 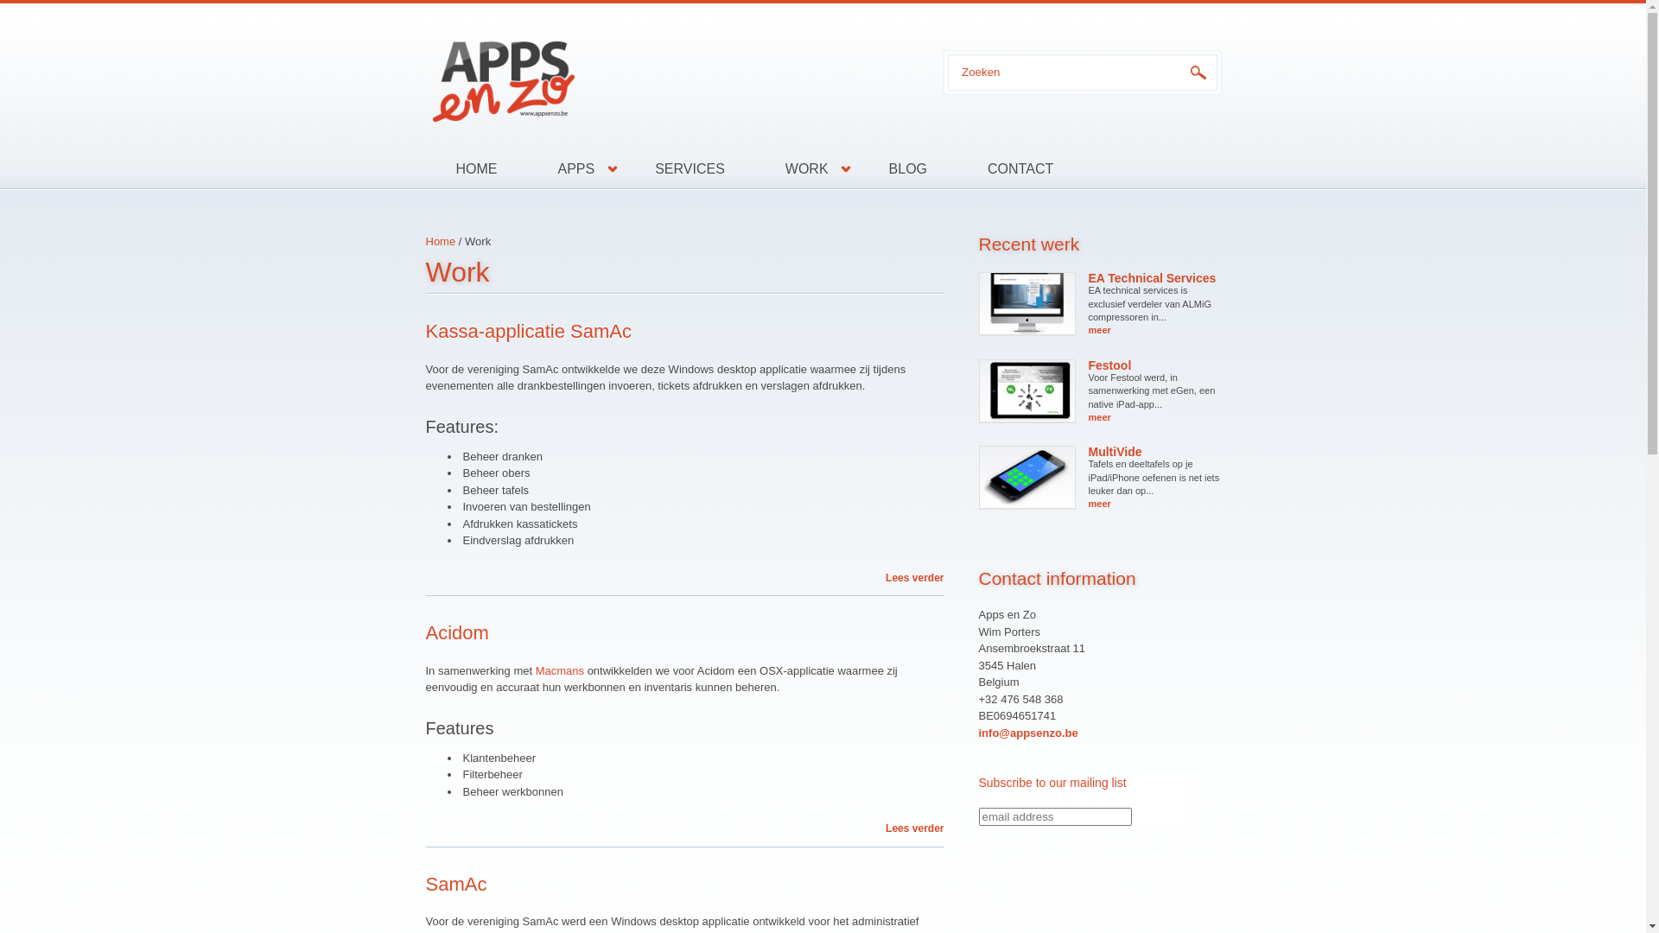 I want to click on 'Lees verder, so click(x=913, y=828).